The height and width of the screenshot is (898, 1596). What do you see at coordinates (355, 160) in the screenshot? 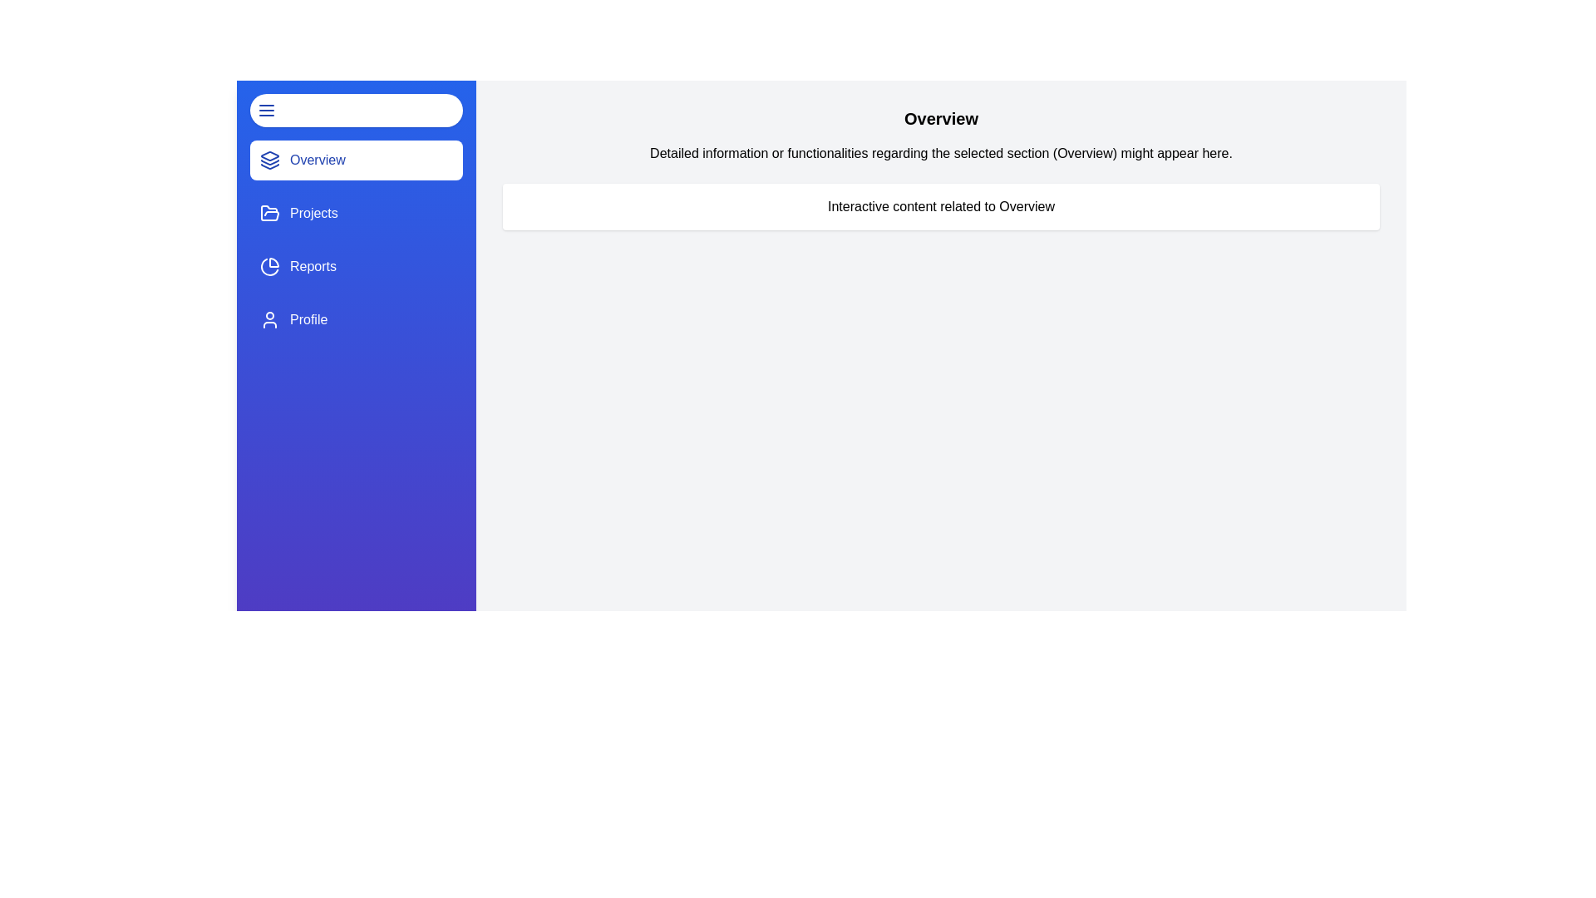
I see `the navigation section Overview` at bounding box center [355, 160].